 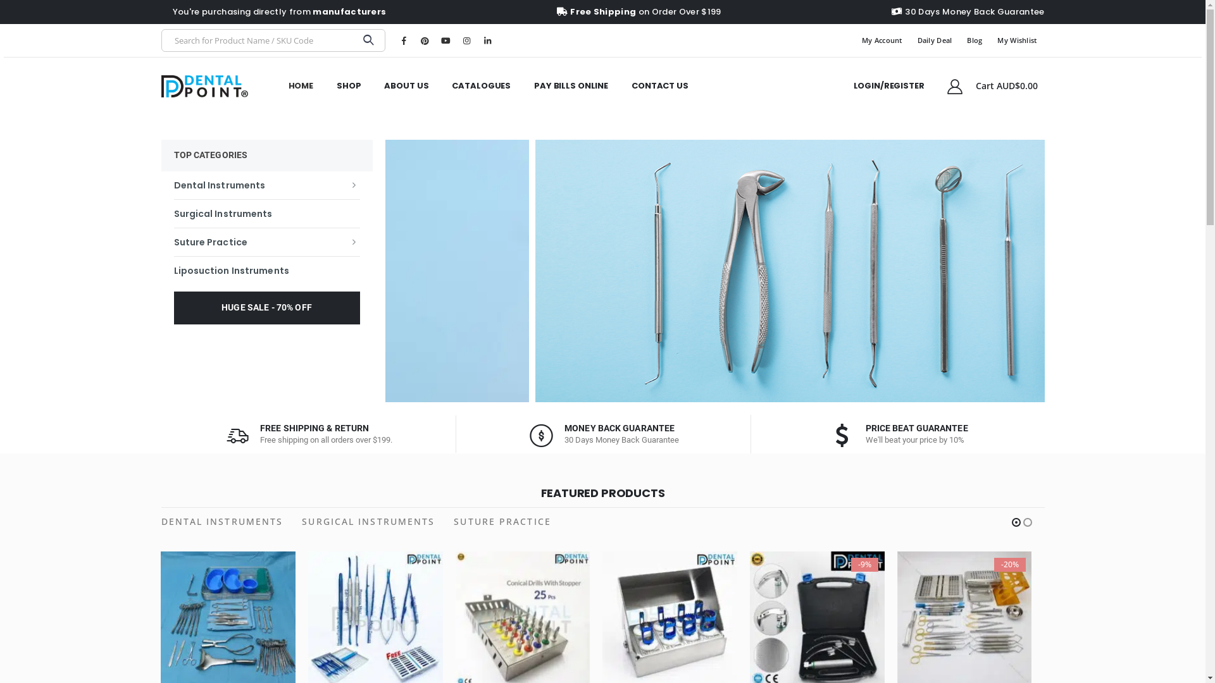 I want to click on 'Facebook', so click(x=394, y=40).